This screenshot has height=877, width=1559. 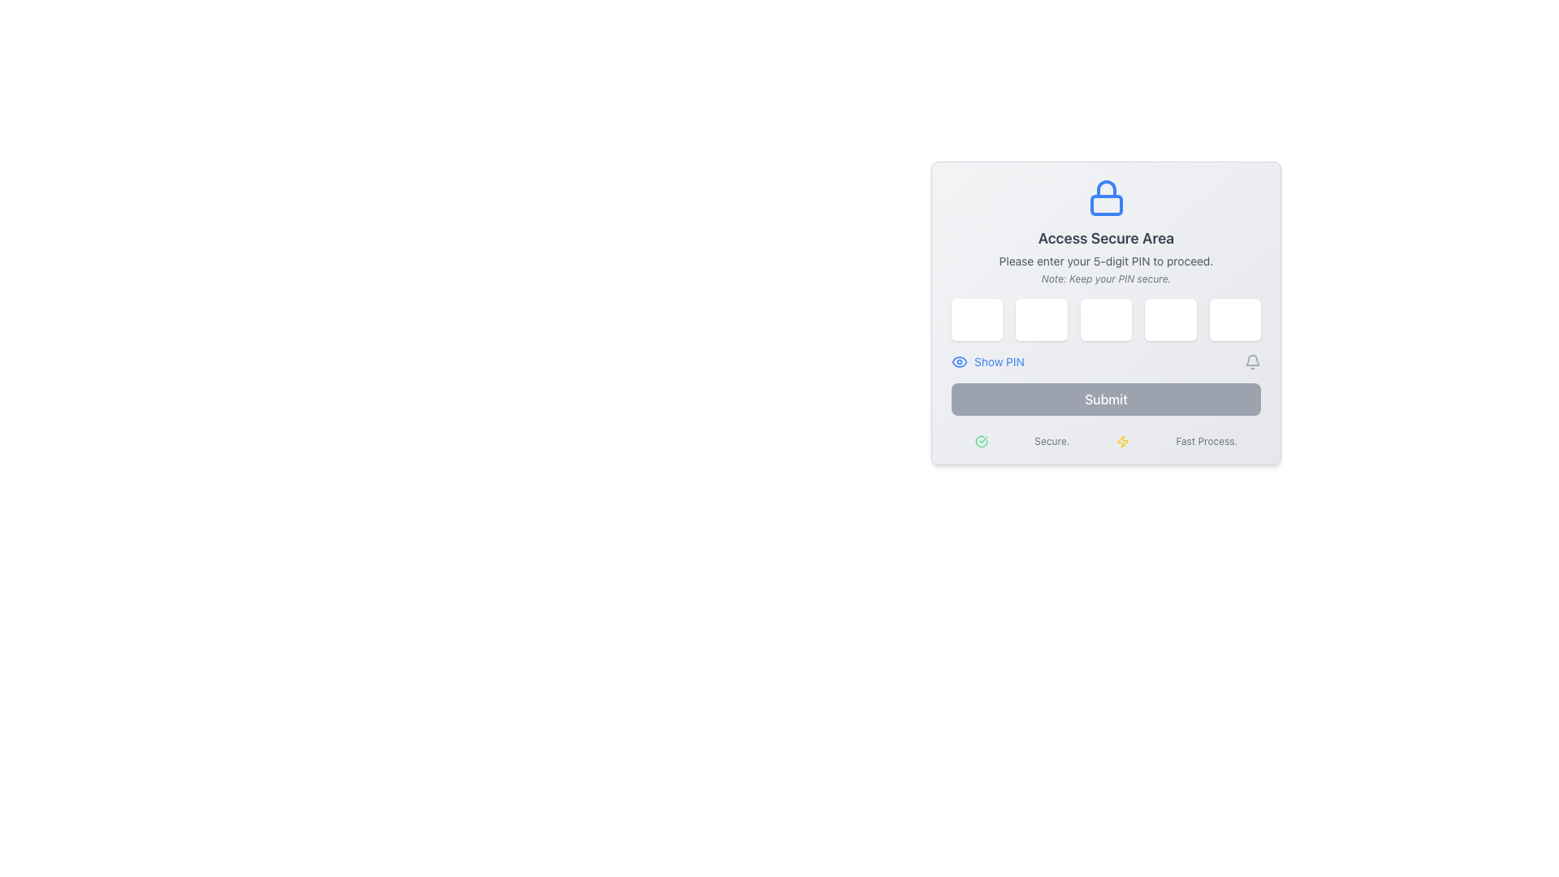 I want to click on the fourth password input box, which is a rounded square-shaped field with a gray border and white background, to focus the field, so click(x=1170, y=319).